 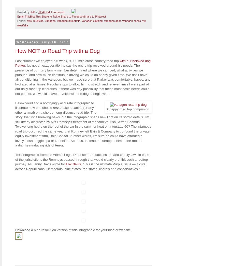 What do you see at coordinates (26, 21) in the screenshot?
I see `'etsy'` at bounding box center [26, 21].